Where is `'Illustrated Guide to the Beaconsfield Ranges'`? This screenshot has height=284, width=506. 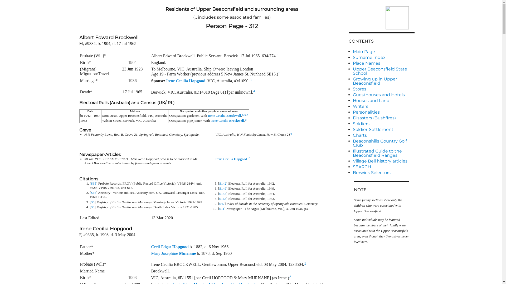 'Illustrated Guide to the Beaconsfield Ranges' is located at coordinates (383, 153).